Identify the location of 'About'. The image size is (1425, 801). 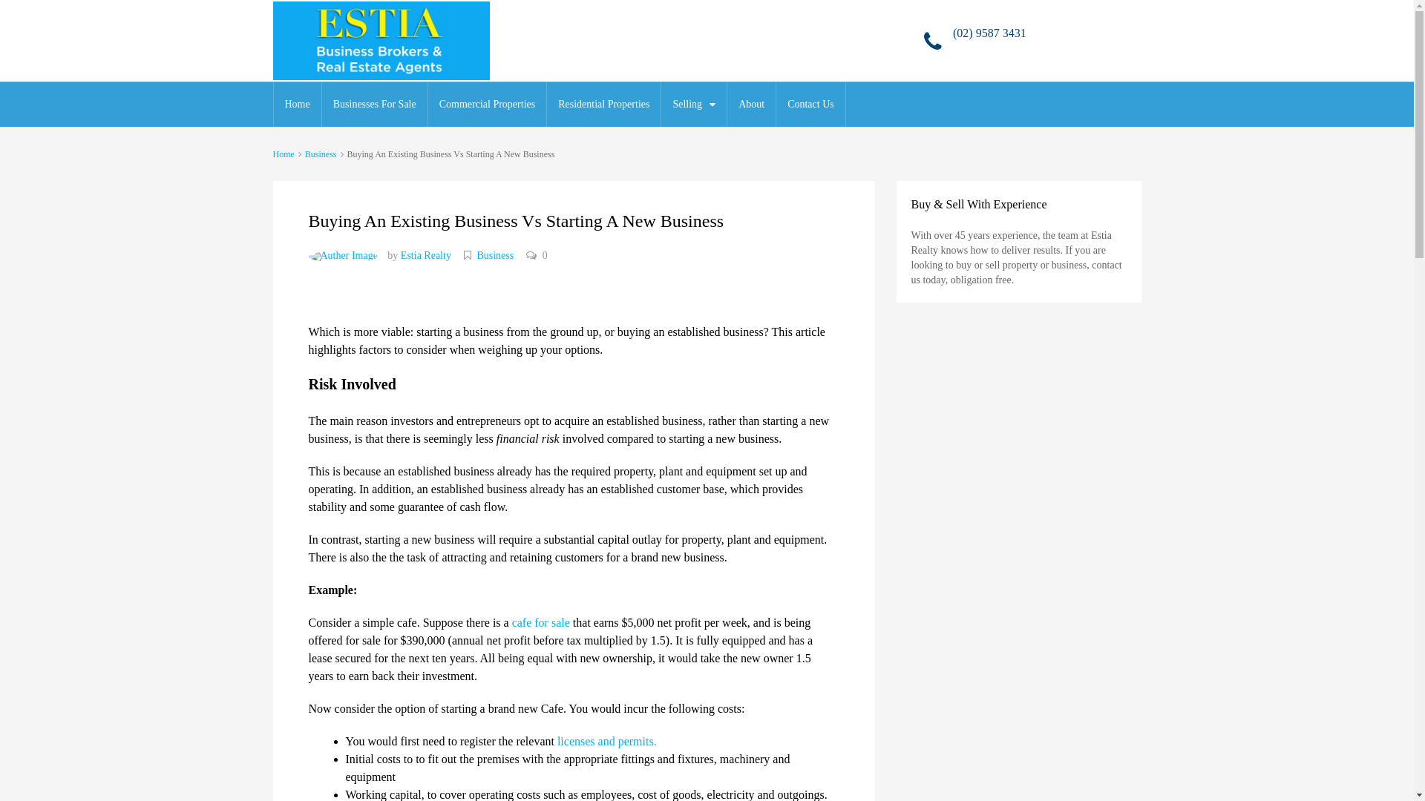
(751, 104).